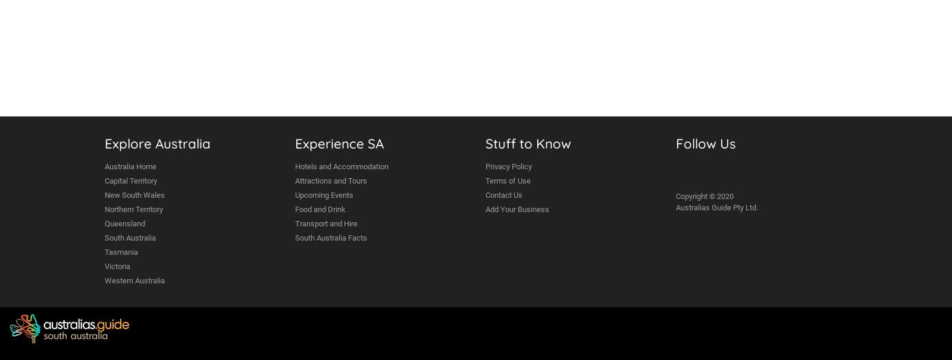 This screenshot has height=360, width=952. Describe the element at coordinates (339, 143) in the screenshot. I see `'Experience SA'` at that location.